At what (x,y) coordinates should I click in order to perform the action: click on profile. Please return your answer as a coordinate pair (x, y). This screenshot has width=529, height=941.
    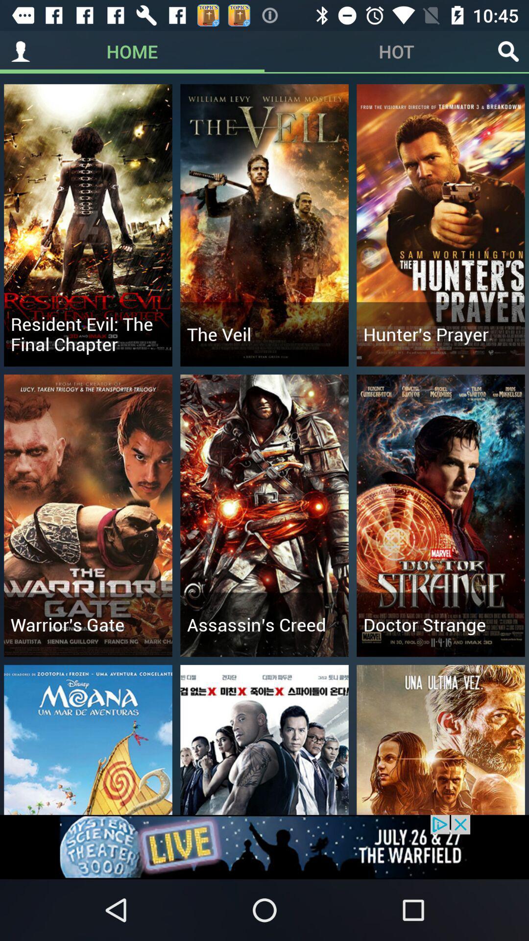
    Looking at the image, I should click on (21, 51).